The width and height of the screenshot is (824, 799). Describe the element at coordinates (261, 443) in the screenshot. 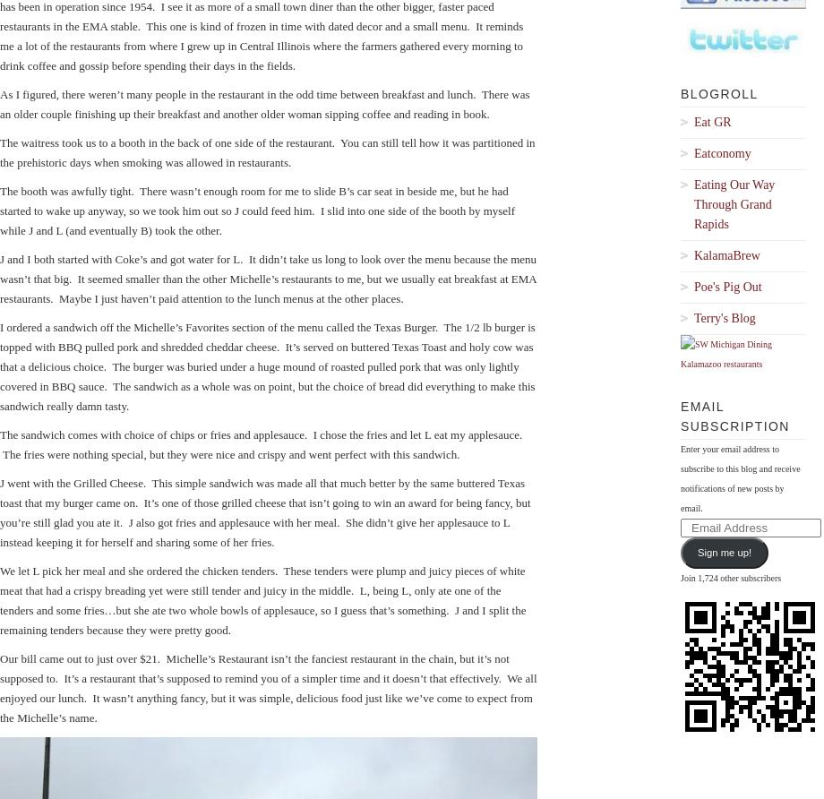

I see `'The sandwich comes with choice of chips or fries and applesauce.  I chose the fries and let L eat my applesauce.  The fries were nothing special, but they were nice and crispy and went perfect with this sandwich.'` at that location.